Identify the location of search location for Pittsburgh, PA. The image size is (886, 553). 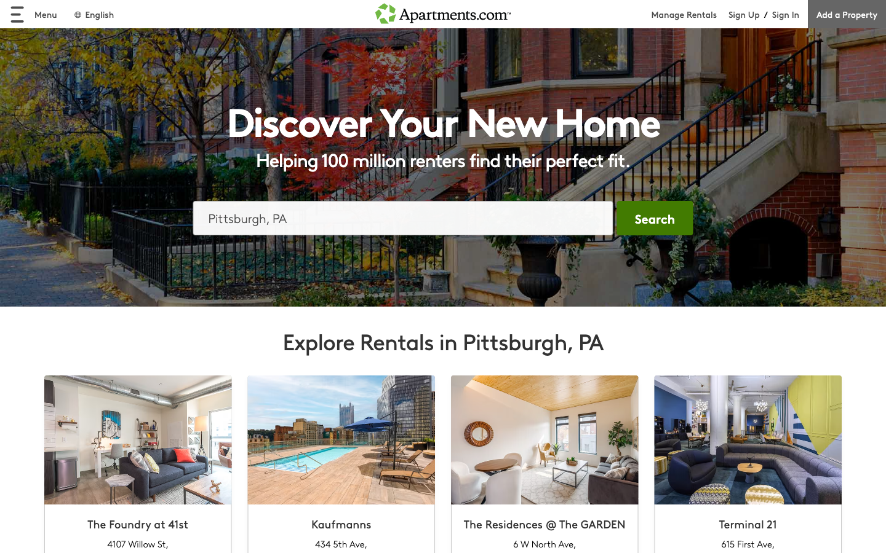
(402, 218).